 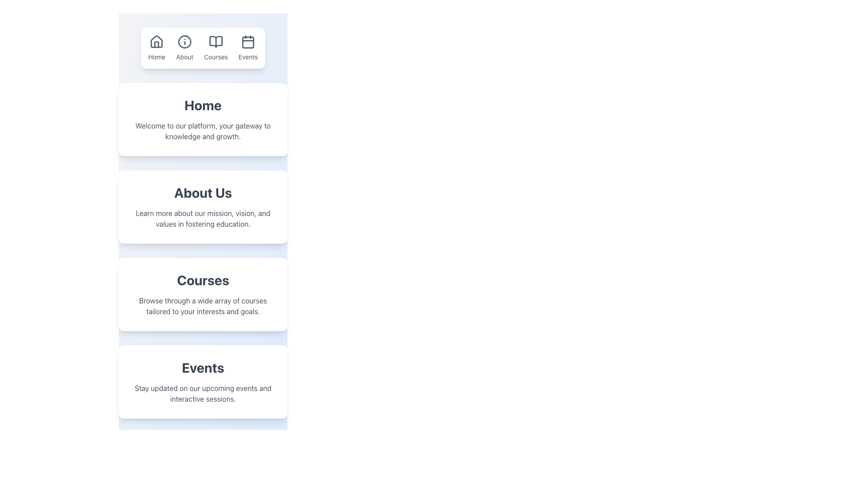 I want to click on the 'Courses' text label located within the third navigation item of the horizontal navigation bar, directly beneath the book icon, so click(x=216, y=57).